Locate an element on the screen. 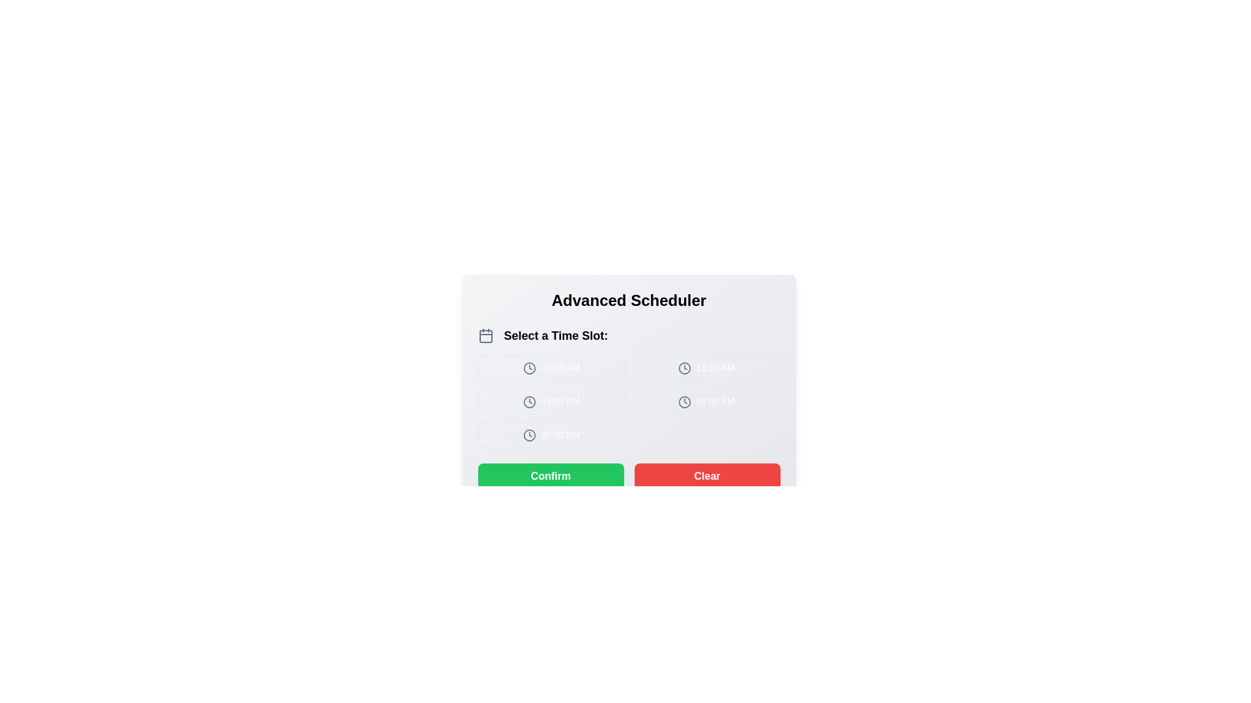 Image resolution: width=1251 pixels, height=703 pixels. the clock icon located to the left of the text in the button labeled '05:00 PM' is located at coordinates (529, 435).